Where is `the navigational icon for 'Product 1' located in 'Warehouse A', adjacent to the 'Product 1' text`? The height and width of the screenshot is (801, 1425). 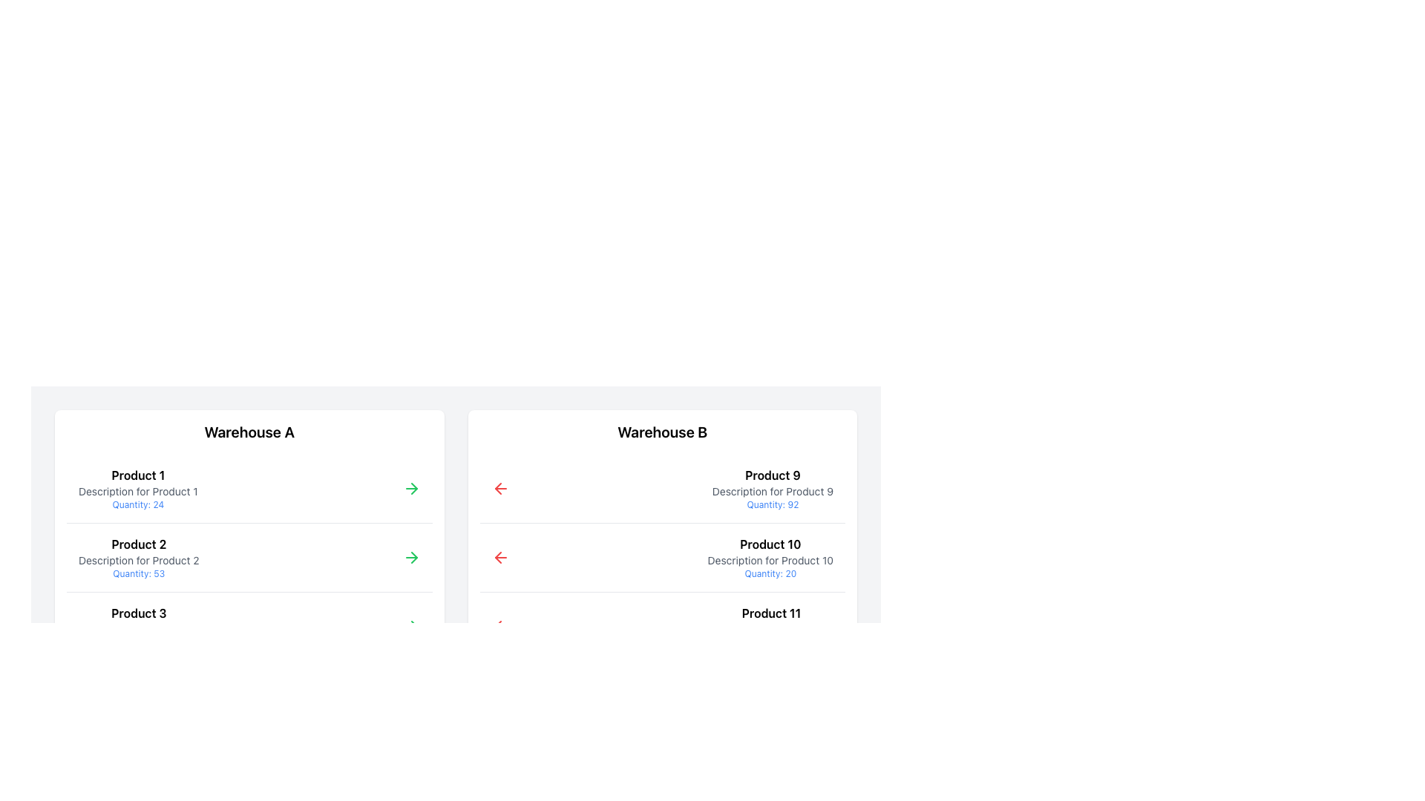 the navigational icon for 'Product 1' located in 'Warehouse A', adjacent to the 'Product 1' text is located at coordinates (413, 489).